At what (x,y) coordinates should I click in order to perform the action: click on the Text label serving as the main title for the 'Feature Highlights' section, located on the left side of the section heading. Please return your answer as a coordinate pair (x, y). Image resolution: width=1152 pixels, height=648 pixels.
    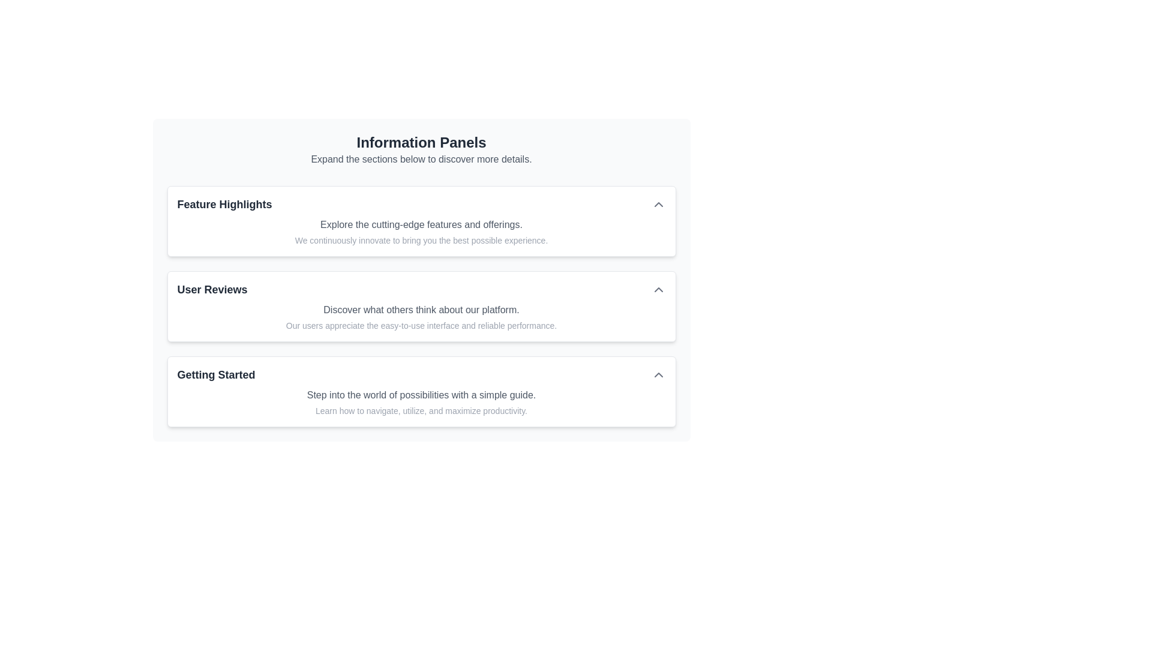
    Looking at the image, I should click on (224, 203).